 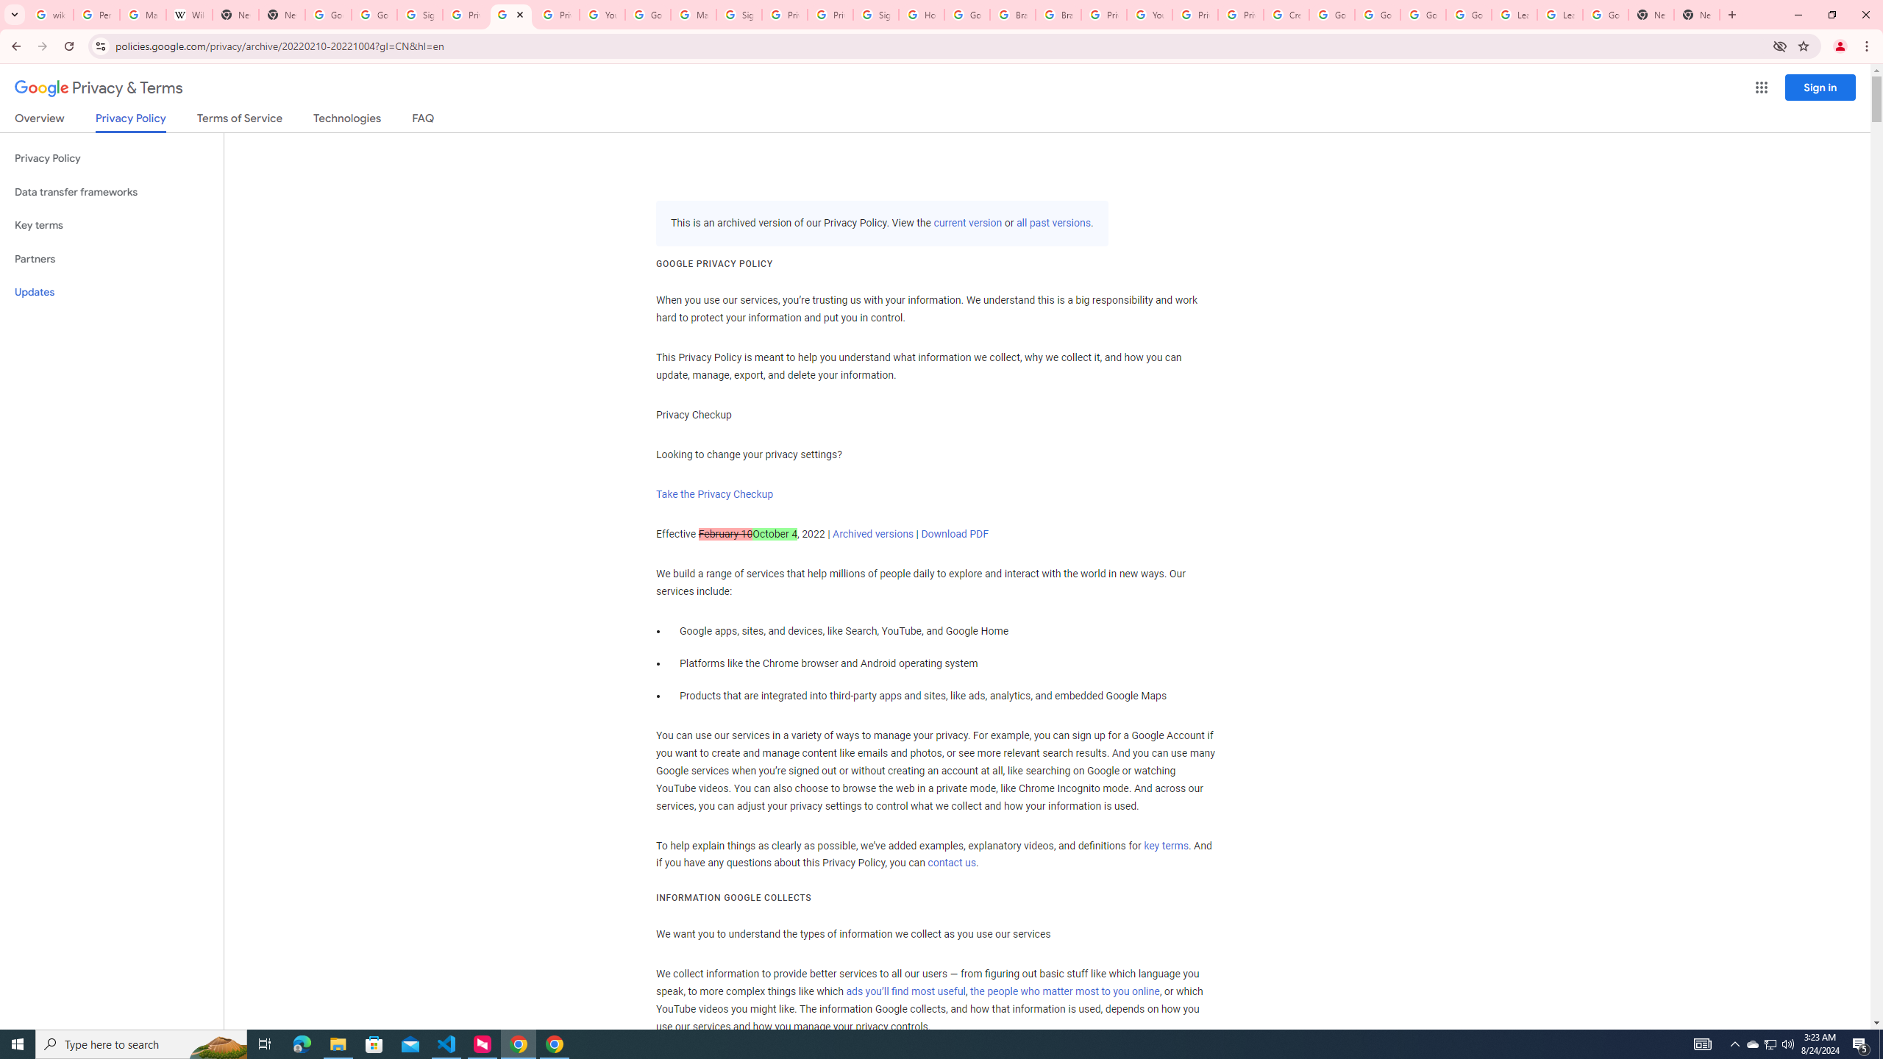 What do you see at coordinates (953, 532) in the screenshot?
I see `'Download PDF'` at bounding box center [953, 532].